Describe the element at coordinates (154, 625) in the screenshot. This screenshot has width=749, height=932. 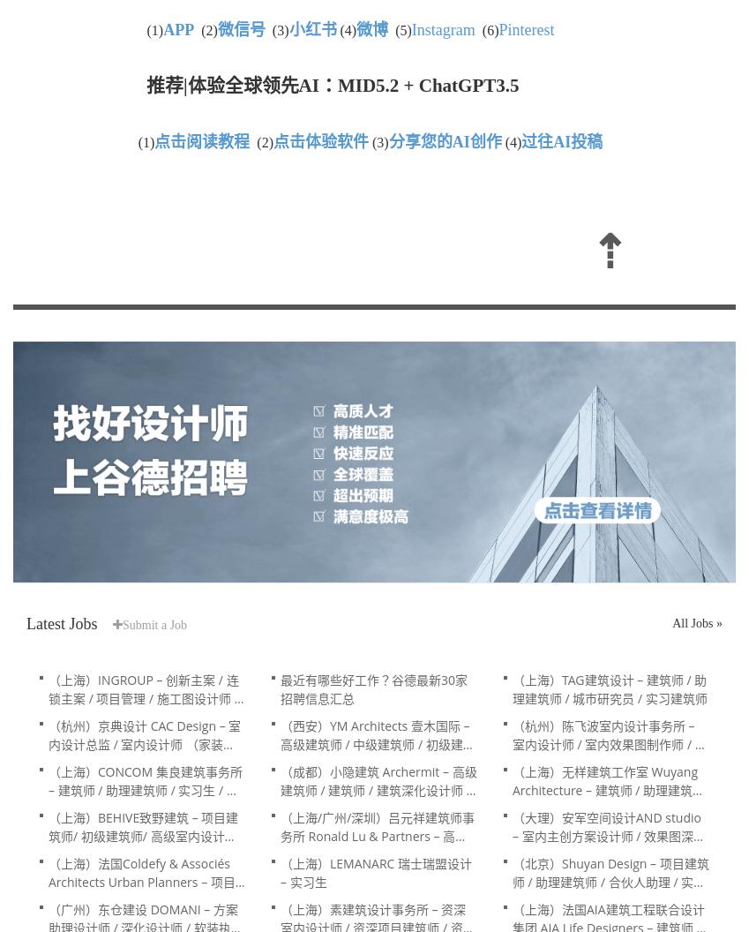
I see `'Submit a Job'` at that location.